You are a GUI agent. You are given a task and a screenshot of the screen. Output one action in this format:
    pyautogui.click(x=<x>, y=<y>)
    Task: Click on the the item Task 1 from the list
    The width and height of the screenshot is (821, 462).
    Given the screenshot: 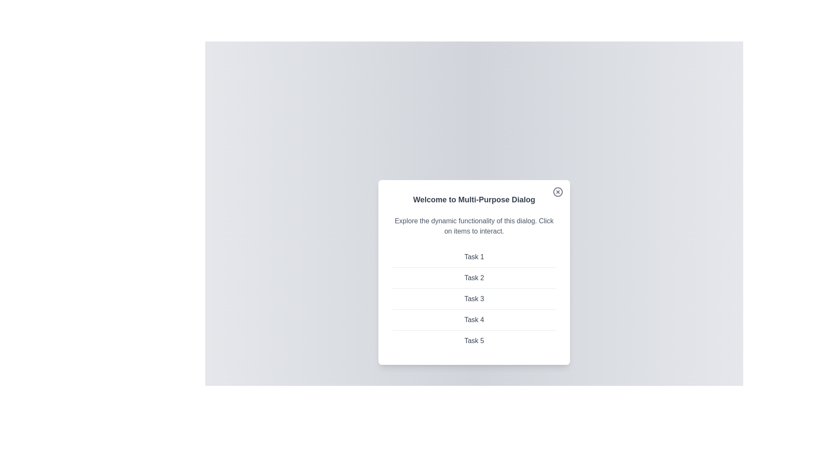 What is the action you would take?
    pyautogui.click(x=473, y=257)
    